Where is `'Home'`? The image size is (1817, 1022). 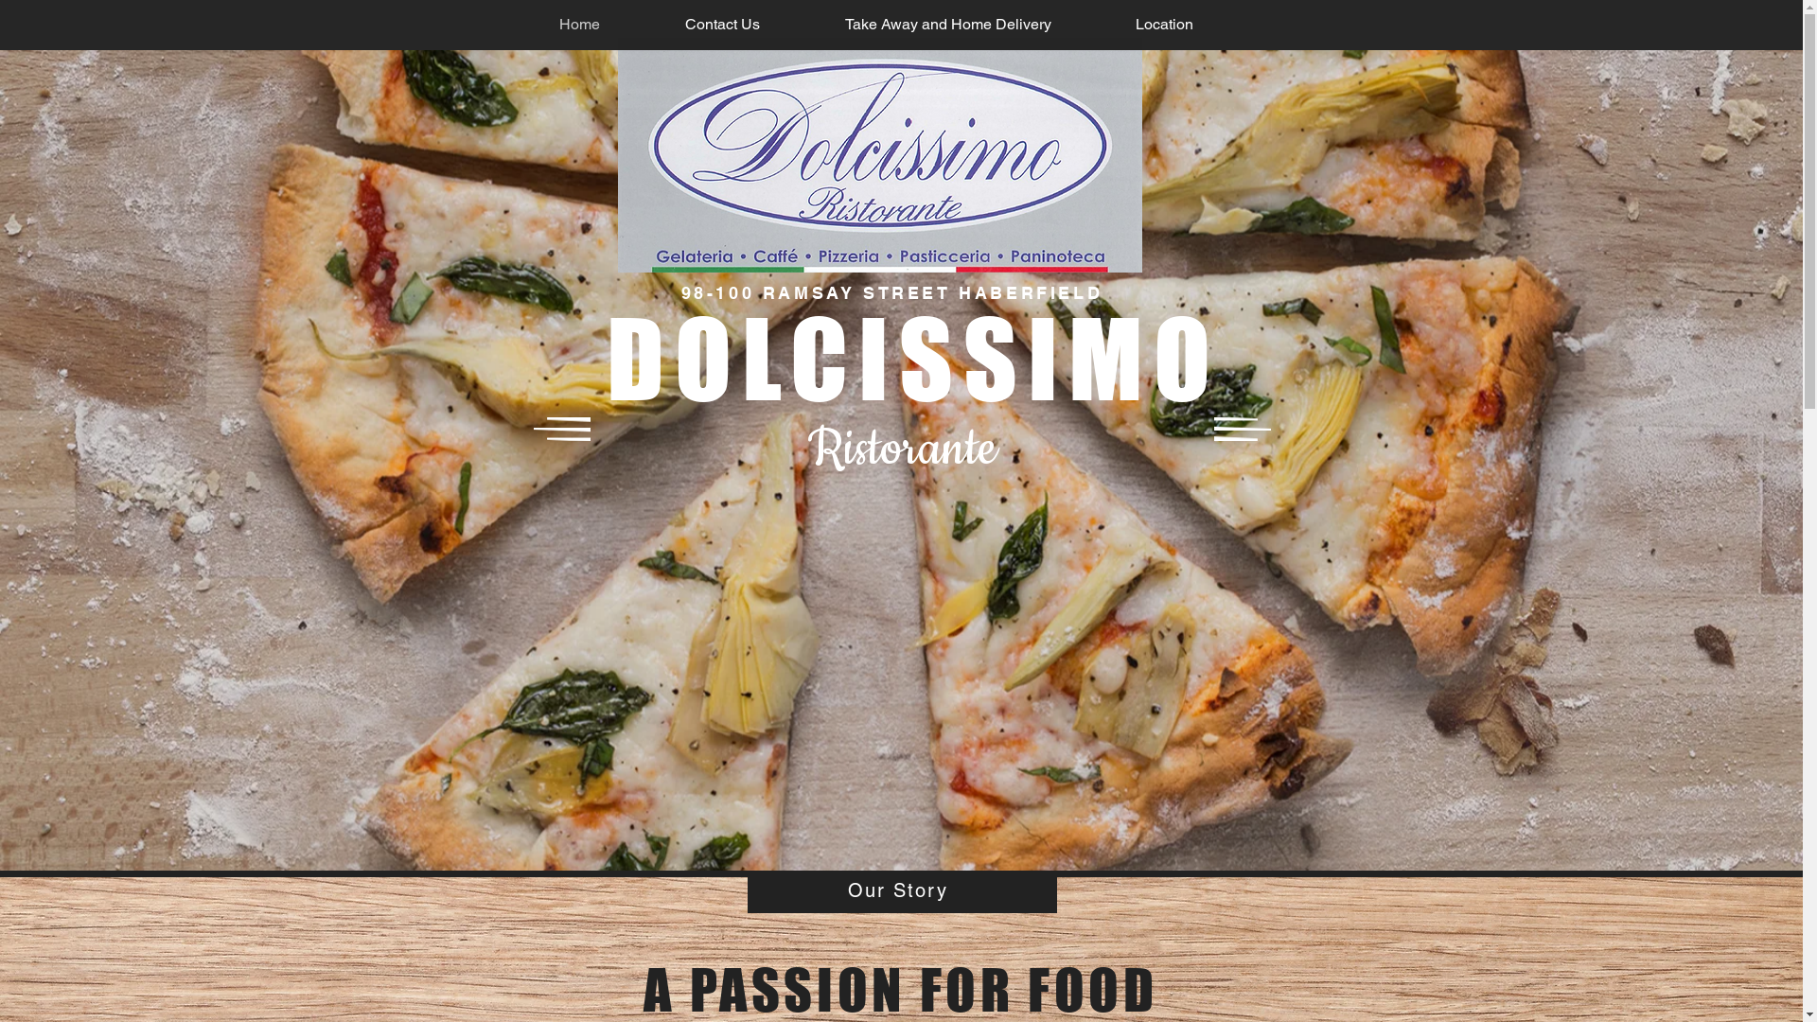
'Home' is located at coordinates (517, 24).